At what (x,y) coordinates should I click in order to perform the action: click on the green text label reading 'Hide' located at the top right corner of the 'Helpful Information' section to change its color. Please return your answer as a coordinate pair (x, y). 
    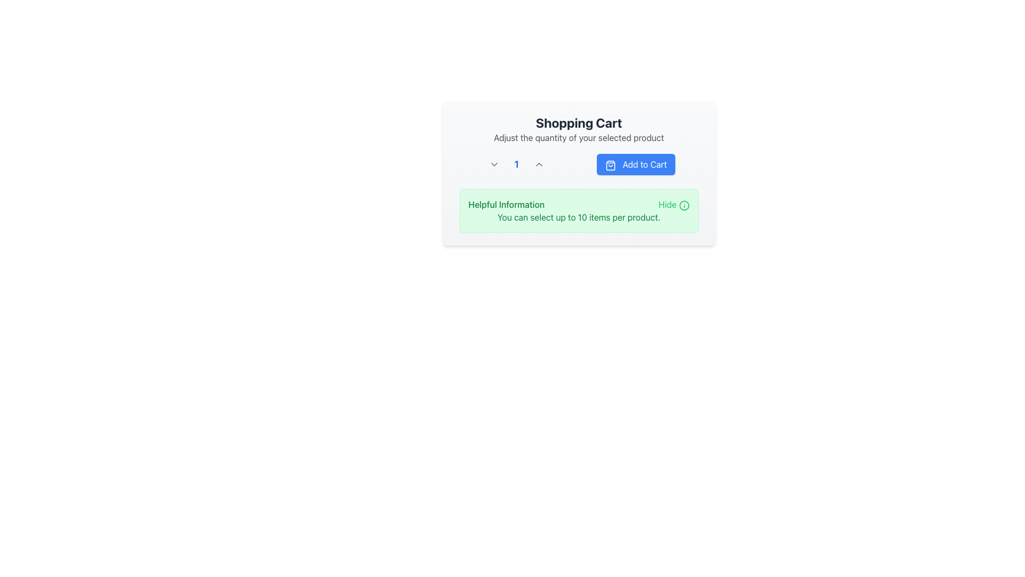
    Looking at the image, I should click on (673, 204).